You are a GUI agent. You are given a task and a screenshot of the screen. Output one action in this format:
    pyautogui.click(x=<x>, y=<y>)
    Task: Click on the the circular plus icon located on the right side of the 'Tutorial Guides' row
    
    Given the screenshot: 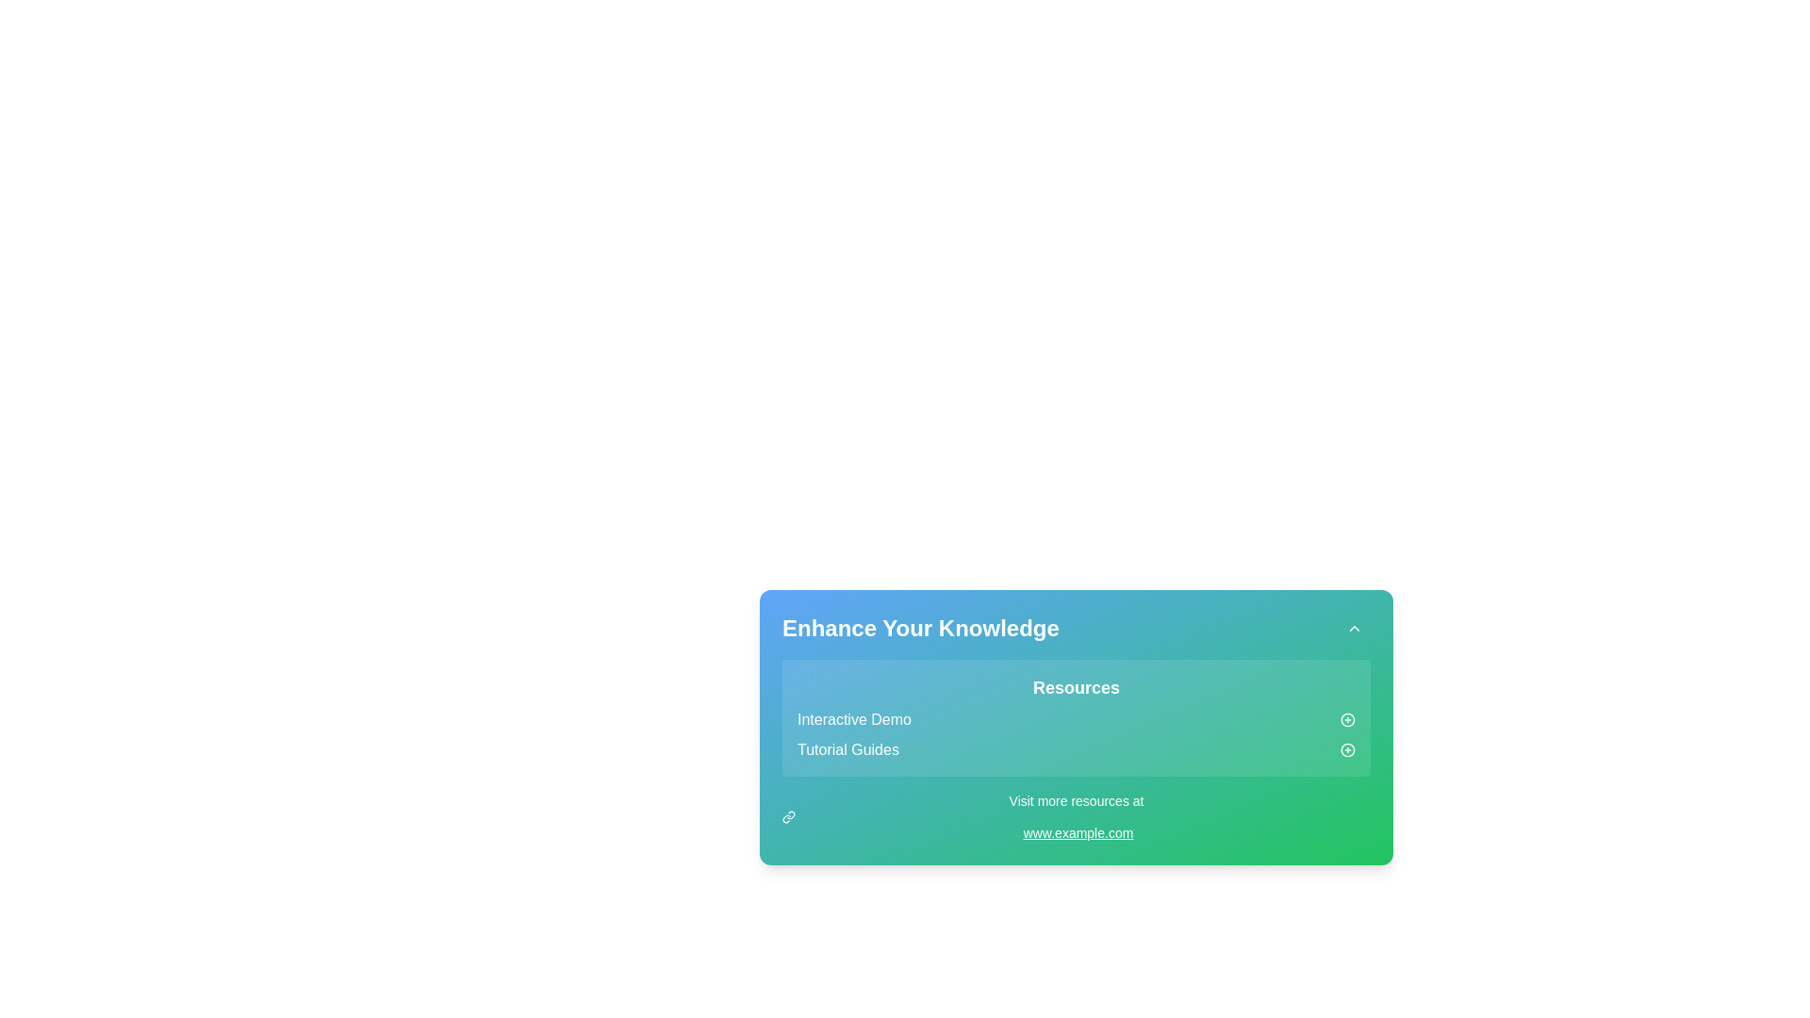 What is the action you would take?
    pyautogui.click(x=1347, y=748)
    